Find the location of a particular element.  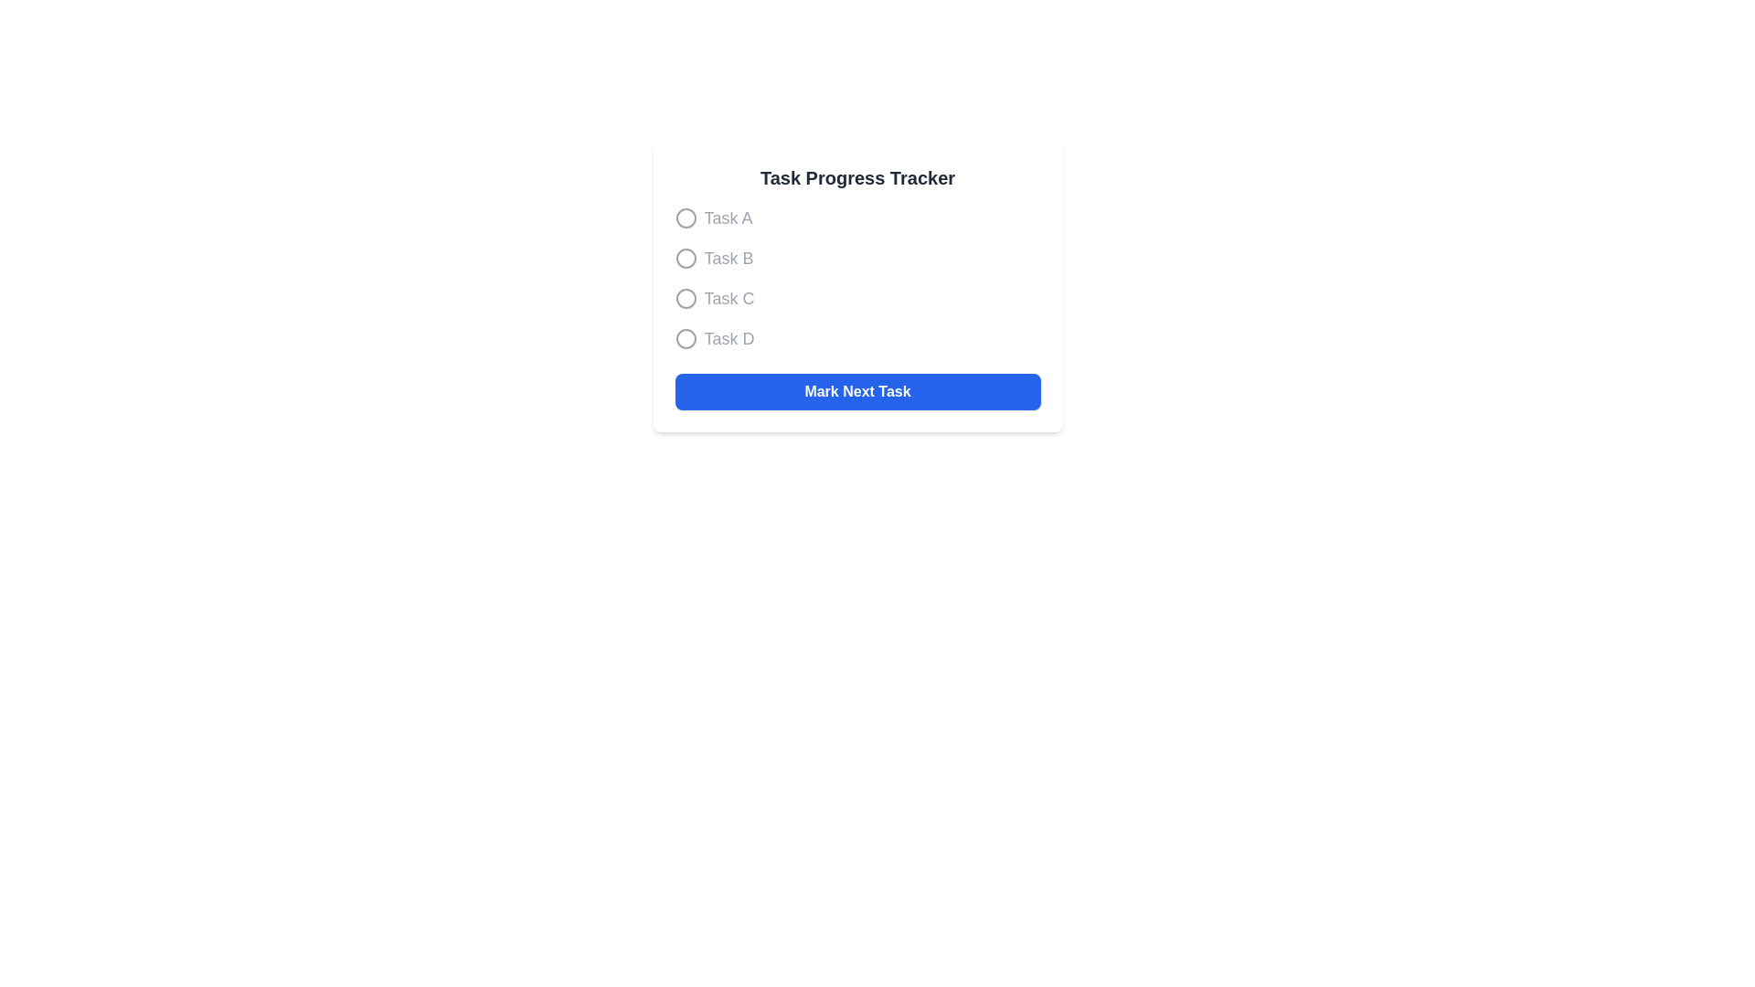

the circular graphic element representing the third radio button under the 'Task Progress Tracker' labeled 'Task C' is located at coordinates (685, 298).